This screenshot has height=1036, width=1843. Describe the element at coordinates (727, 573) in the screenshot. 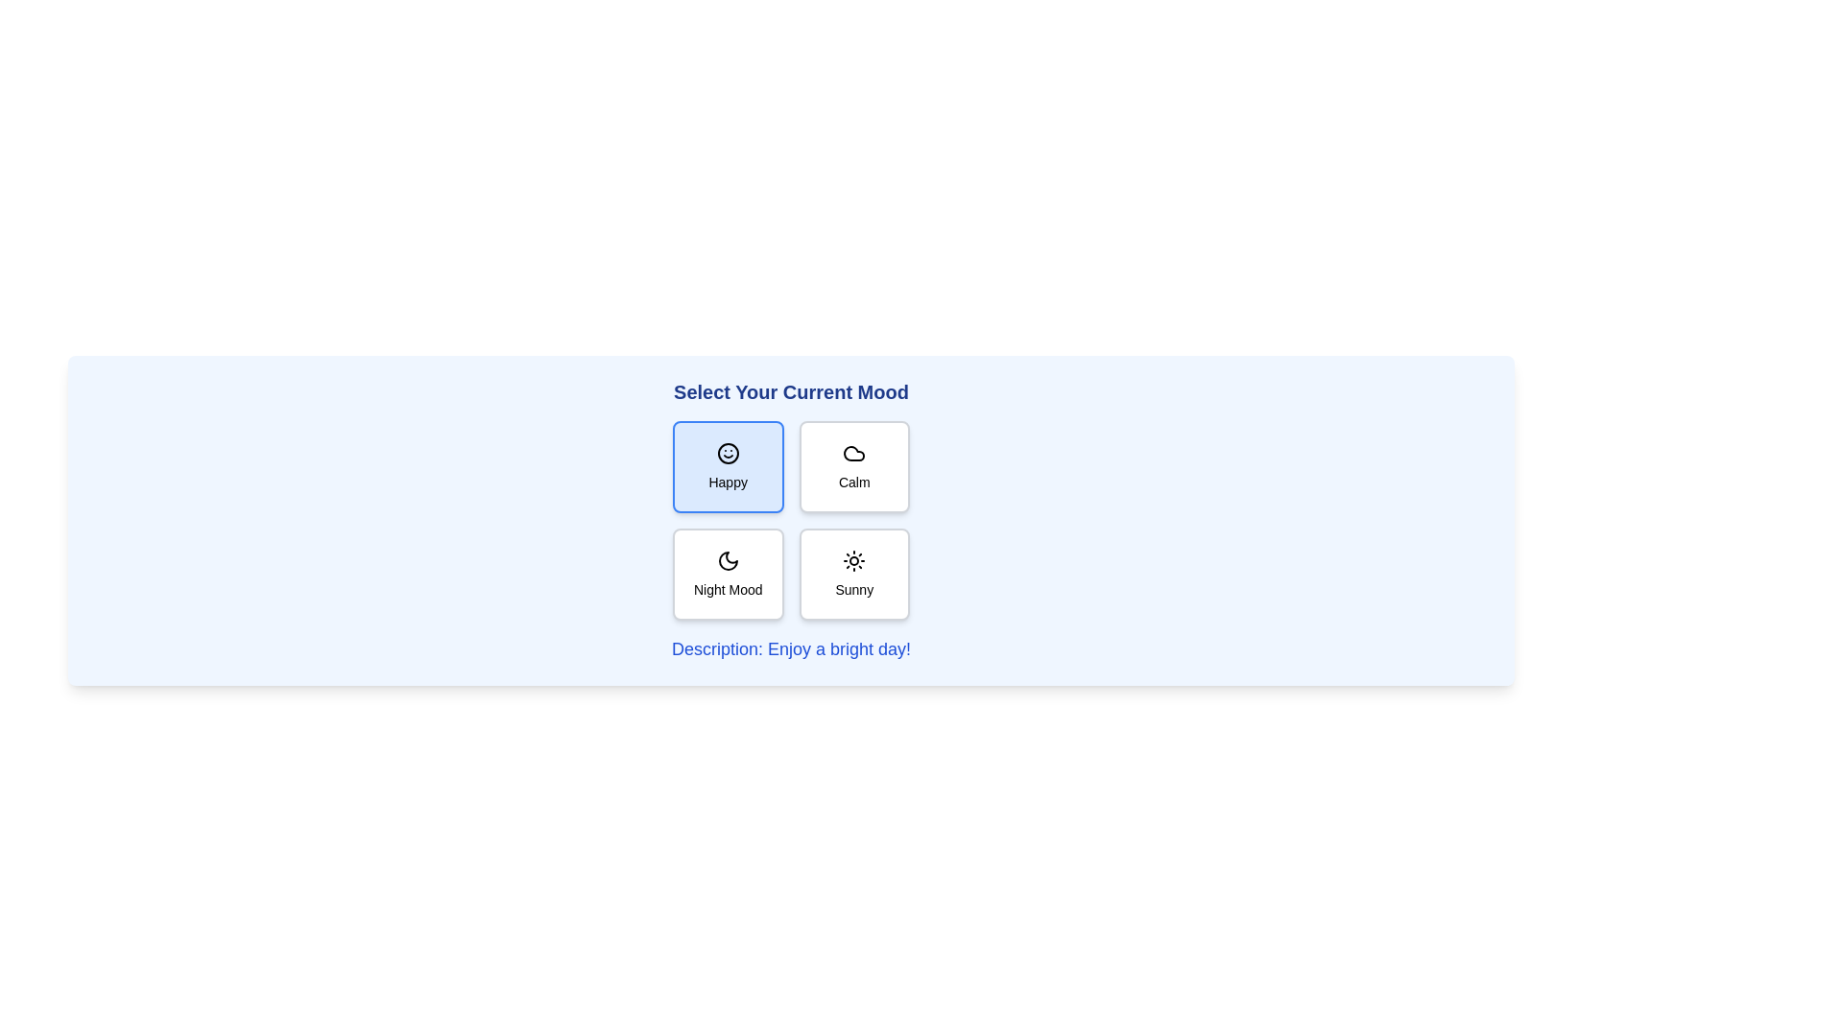

I see `the mood button labeled Night Mood` at that location.